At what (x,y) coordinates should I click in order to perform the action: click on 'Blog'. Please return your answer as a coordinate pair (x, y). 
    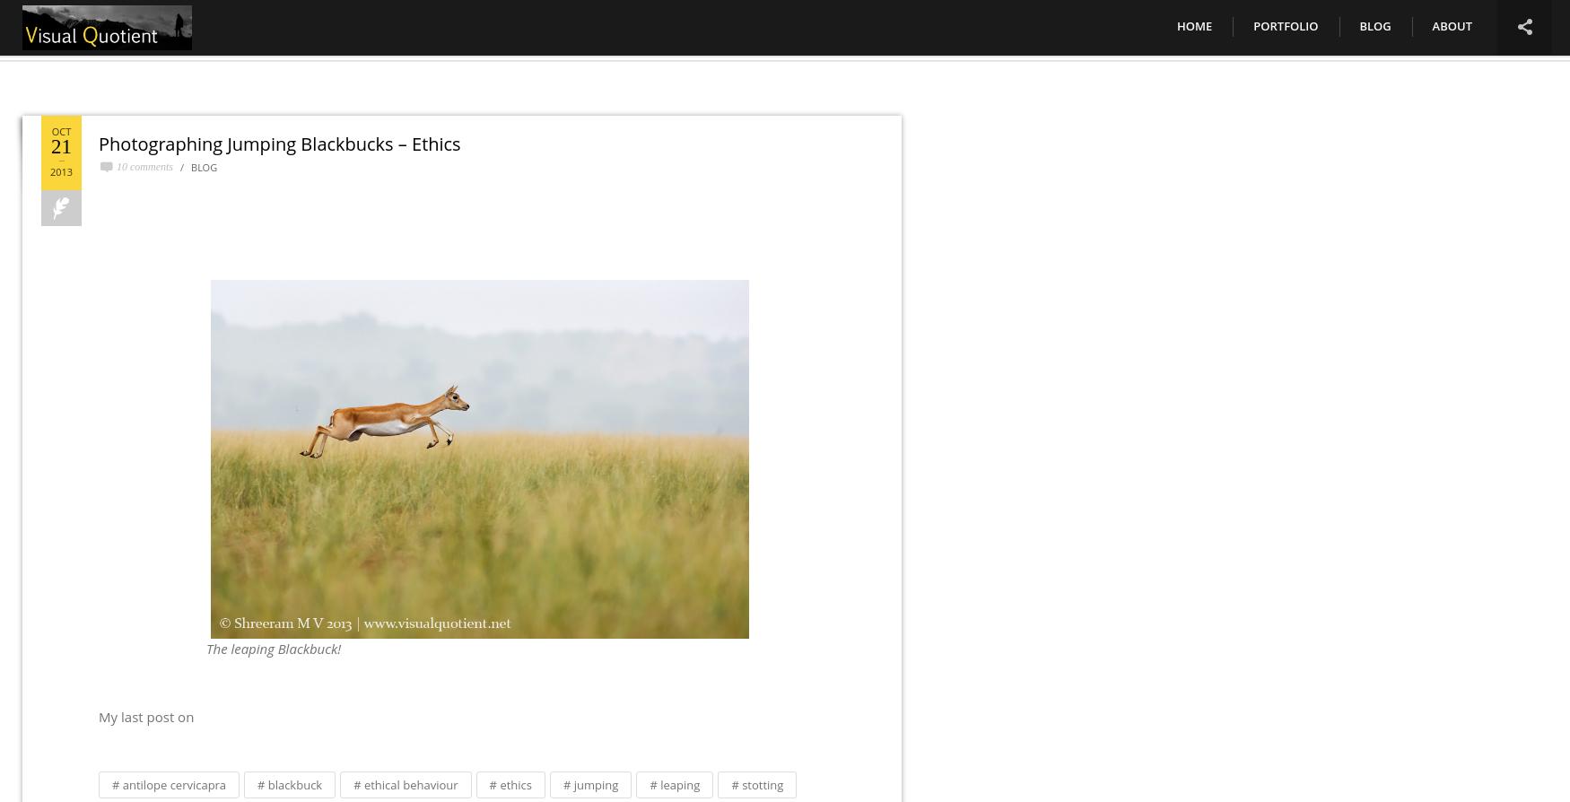
    Looking at the image, I should click on (190, 167).